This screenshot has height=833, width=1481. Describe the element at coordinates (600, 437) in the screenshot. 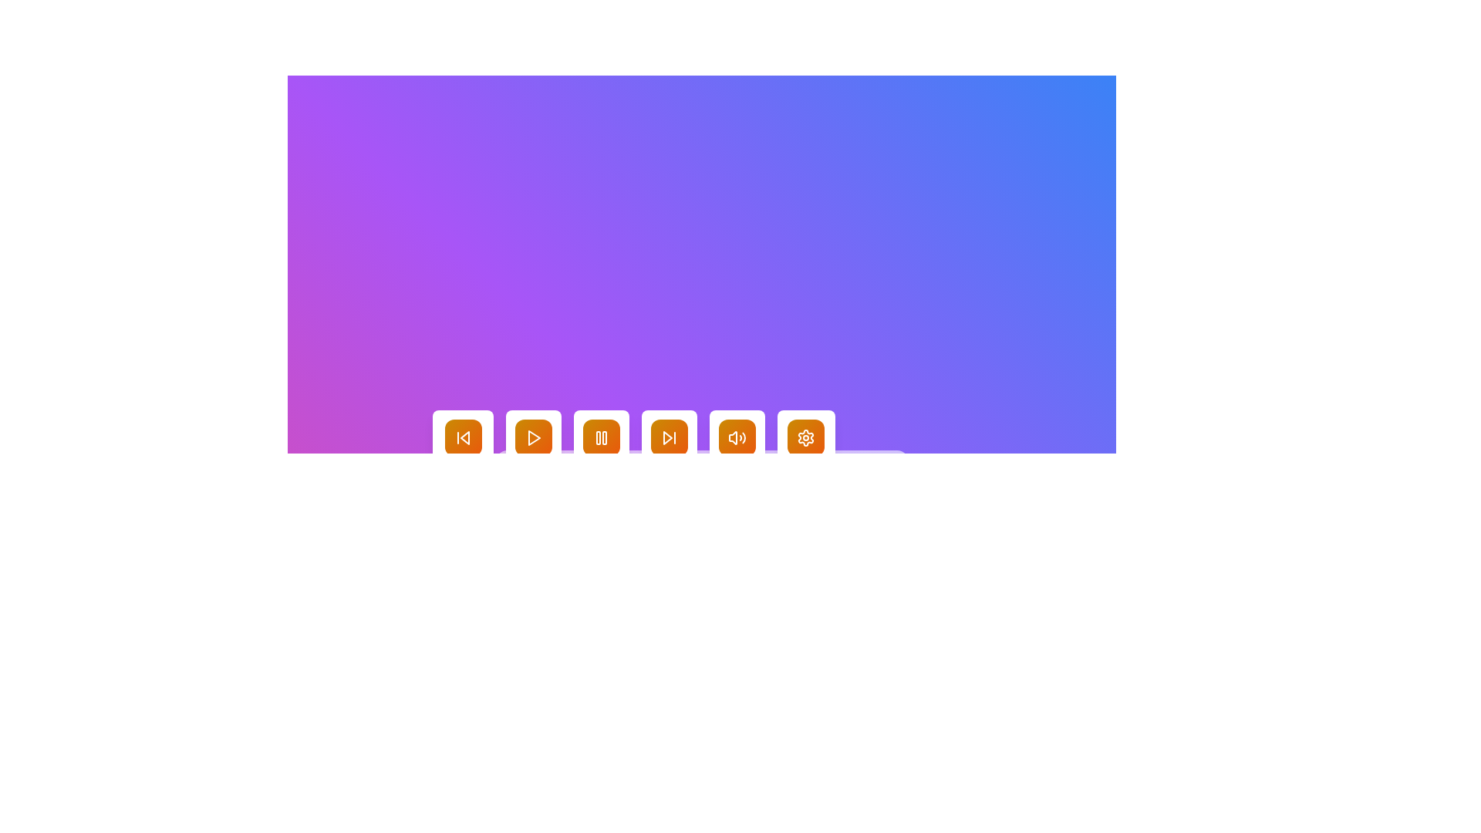

I see `the yellow to orange gradient button with a white pause icon in the center, which is the third button from the left, to check for the appearance of a tooltip` at that location.